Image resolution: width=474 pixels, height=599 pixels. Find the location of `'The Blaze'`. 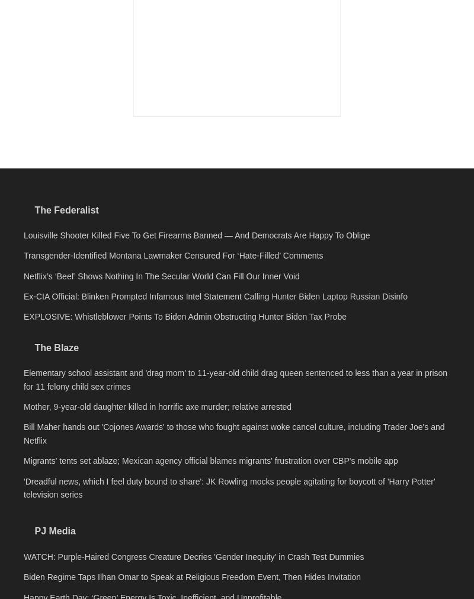

'The Blaze' is located at coordinates (56, 514).